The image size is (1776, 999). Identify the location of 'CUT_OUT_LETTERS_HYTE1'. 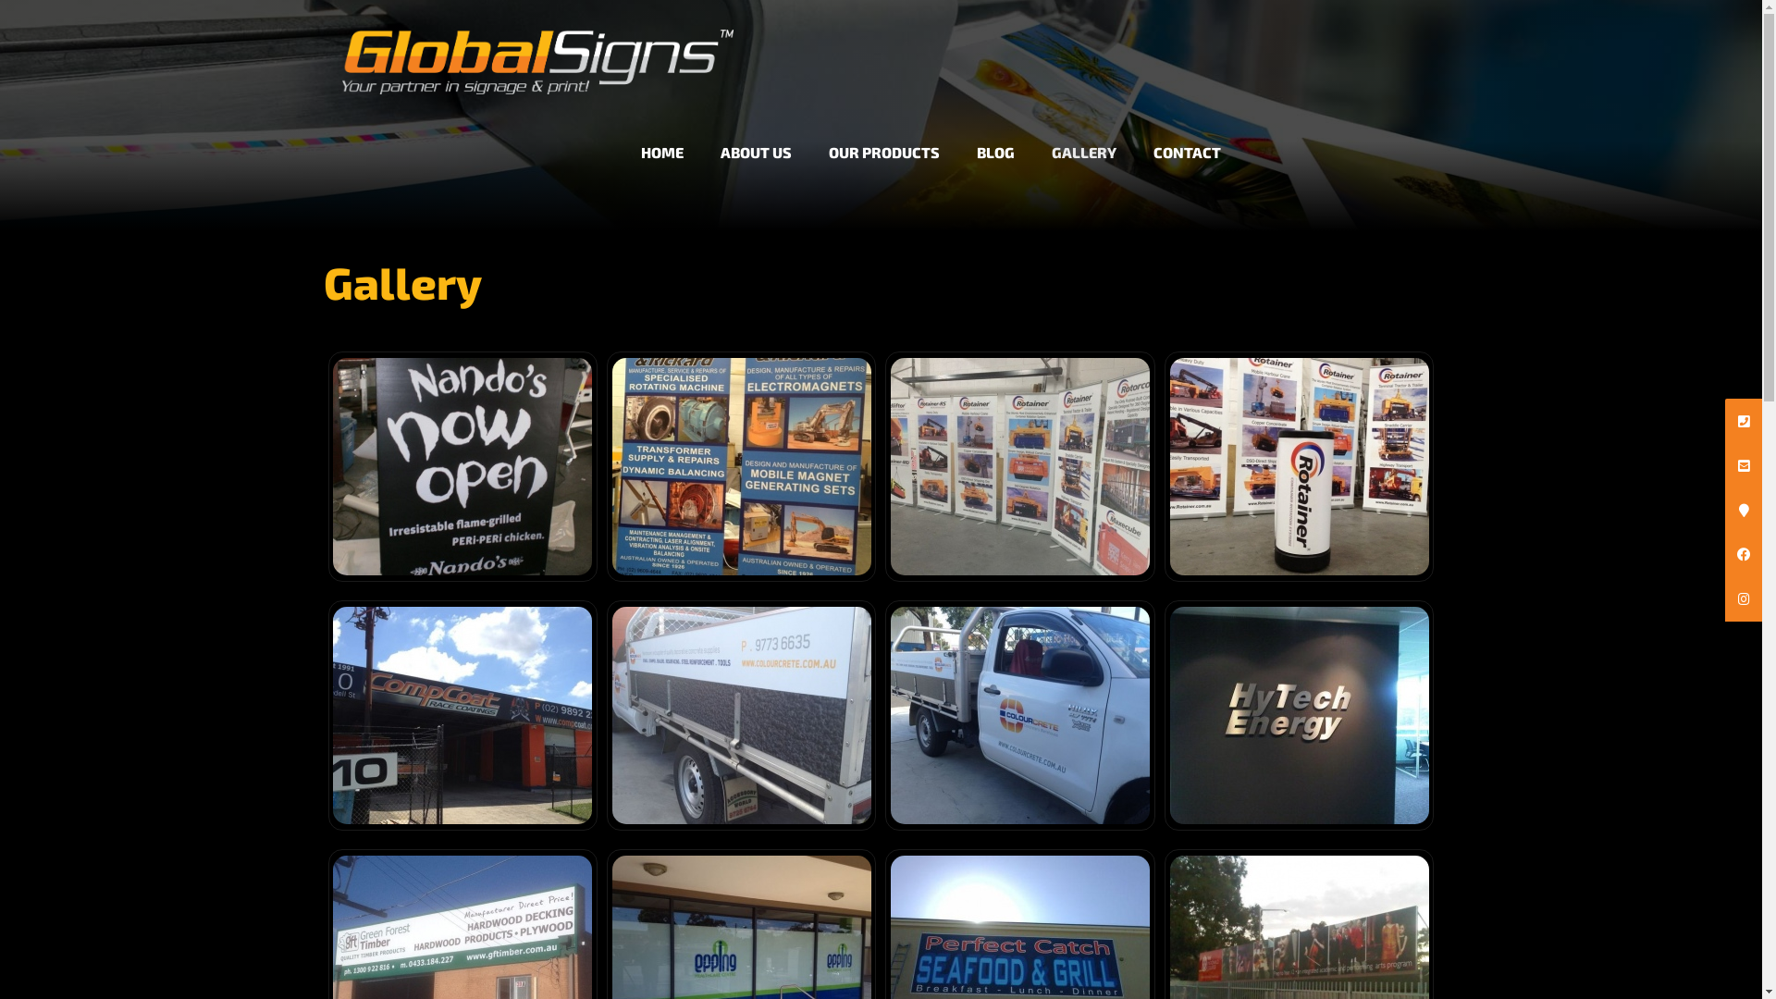
(1297, 714).